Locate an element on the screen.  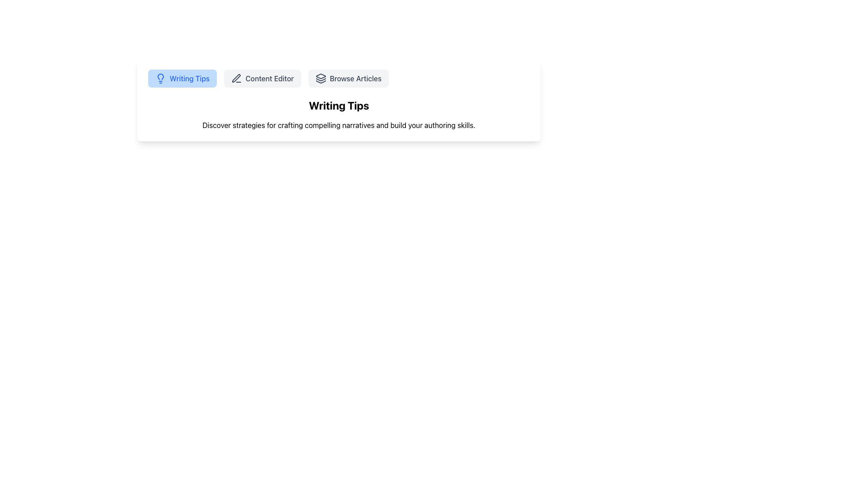
the 'Browse Articles' button, which is a rectangular button with a light gray background and the text 'Browse Articles' in medium gray font, located to the right of the 'Content Editor' button is located at coordinates (348, 78).